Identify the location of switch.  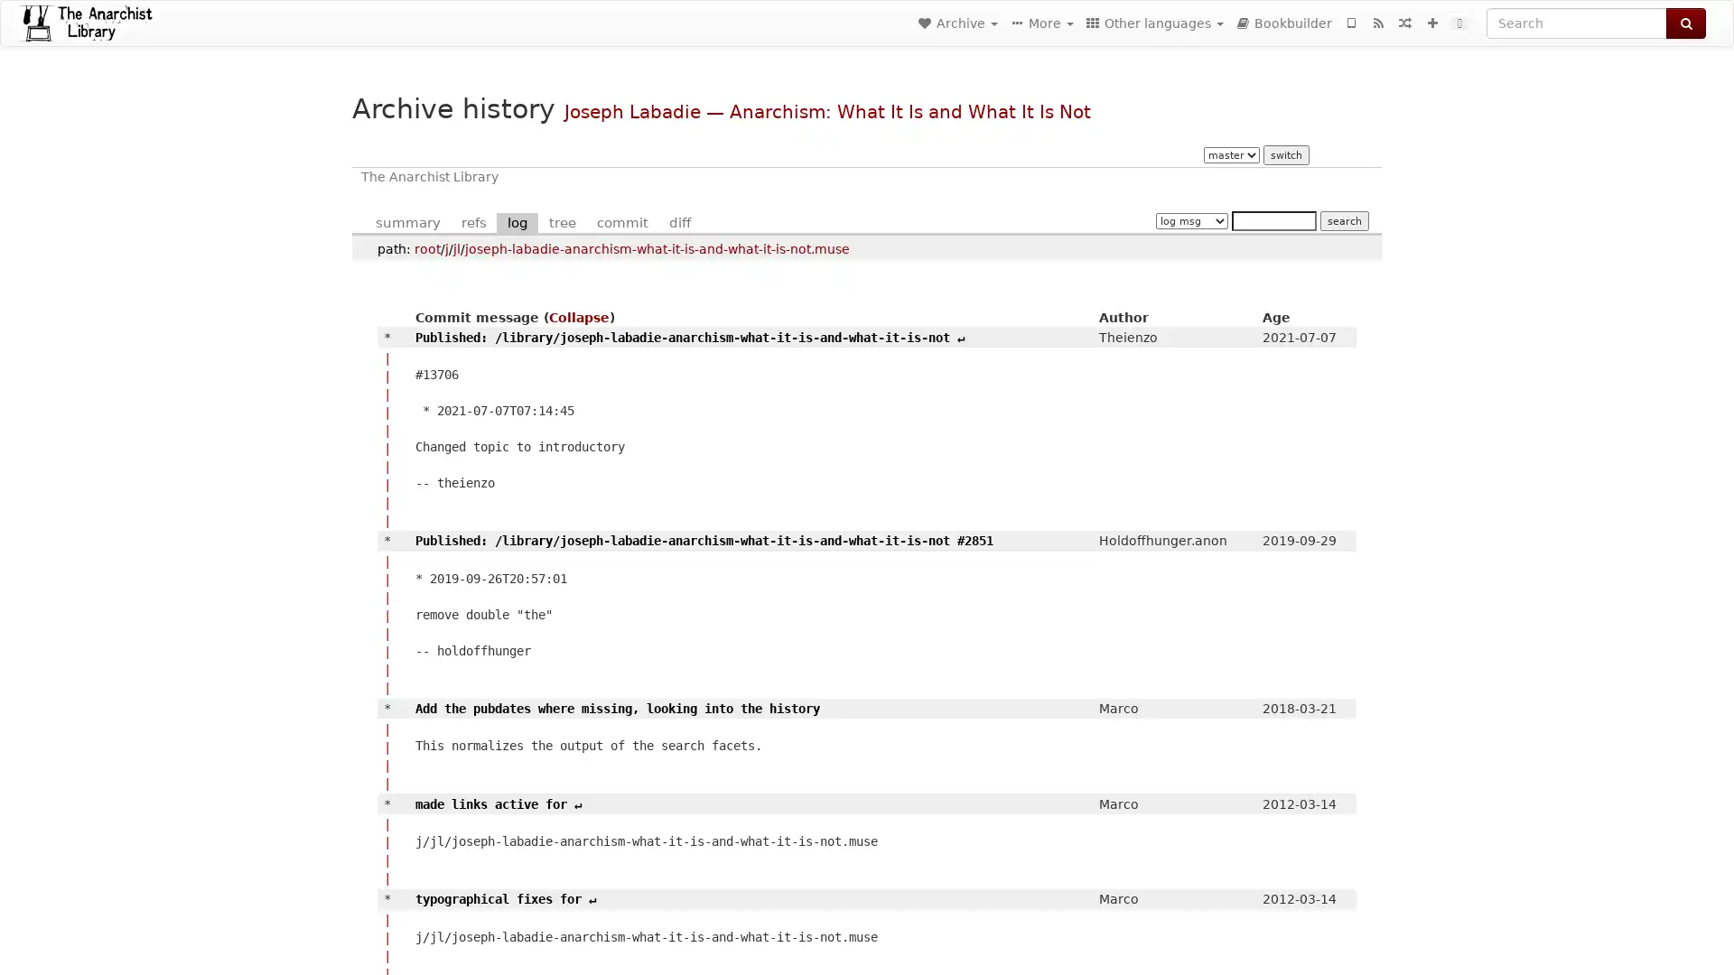
(1284, 154).